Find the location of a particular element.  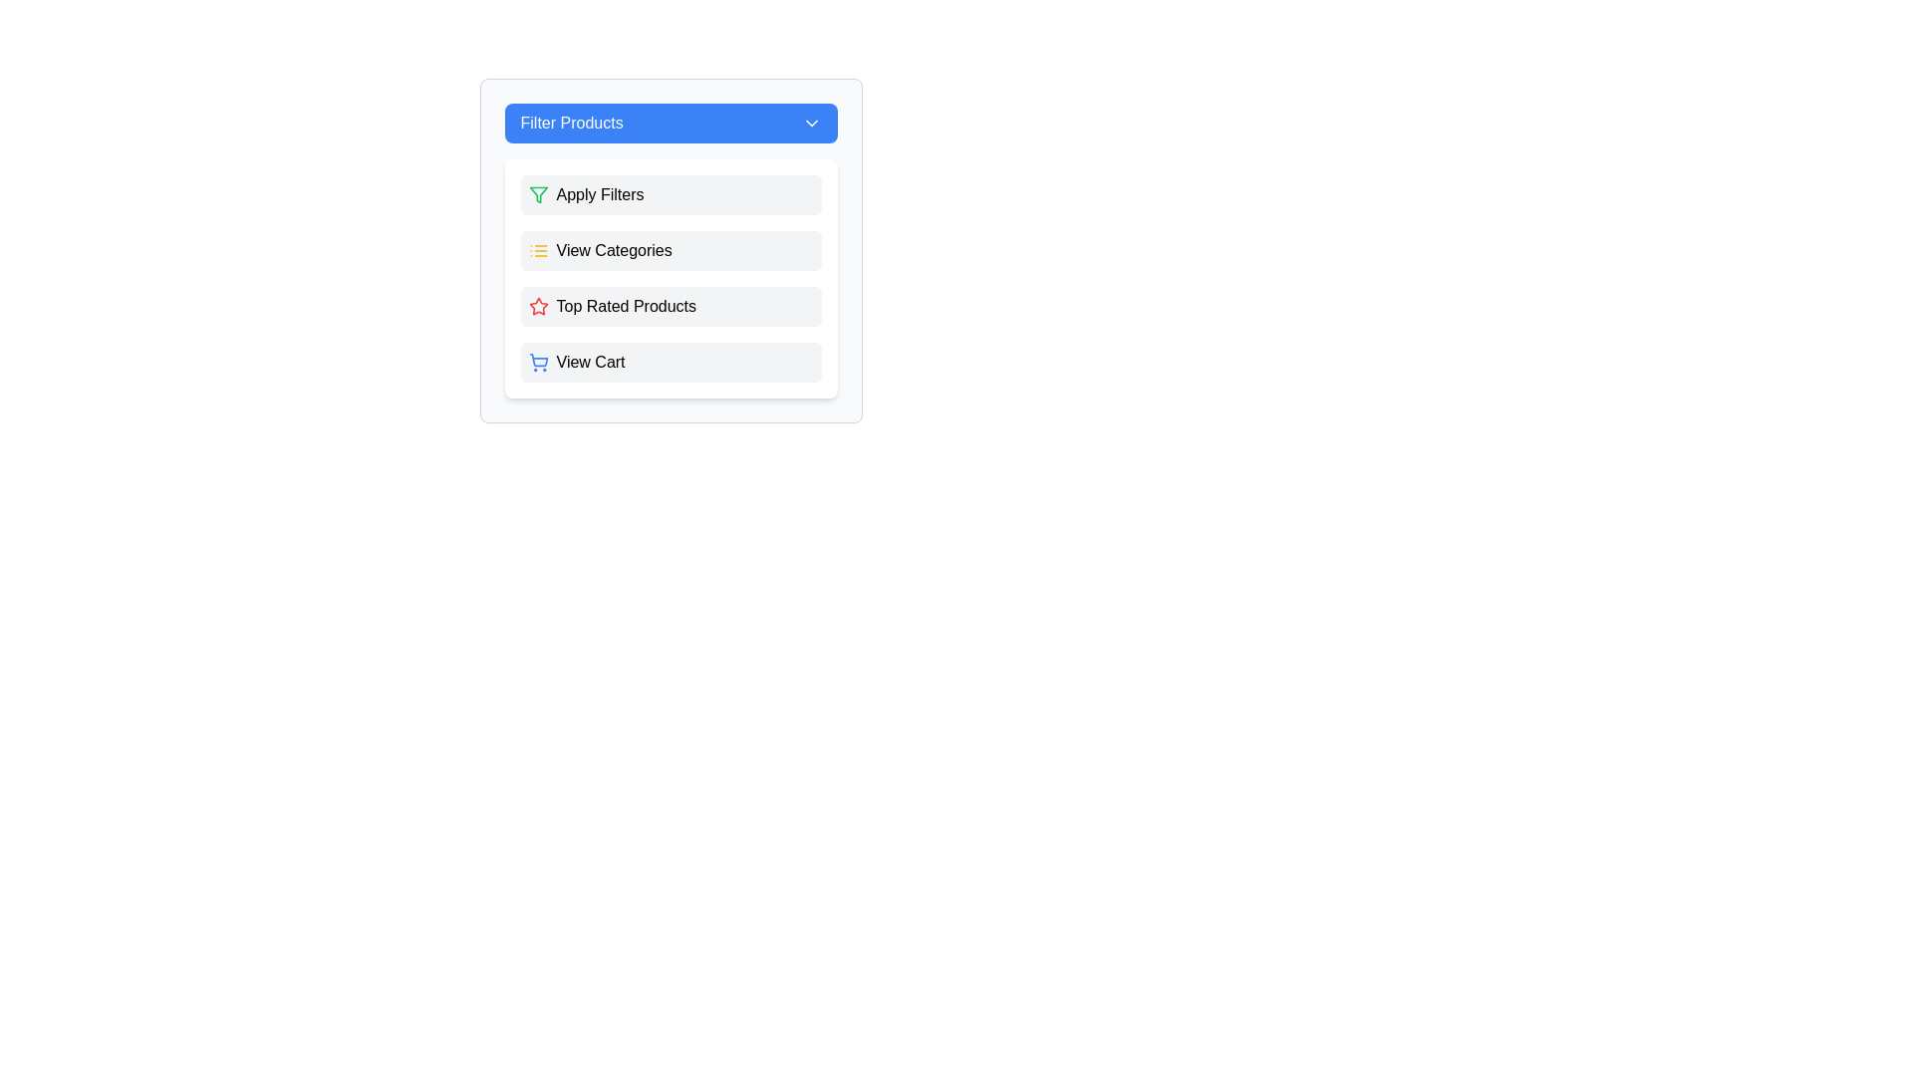

the chevron-down icon located at the far right side of the blue header labeled 'Filter Products' is located at coordinates (811, 123).